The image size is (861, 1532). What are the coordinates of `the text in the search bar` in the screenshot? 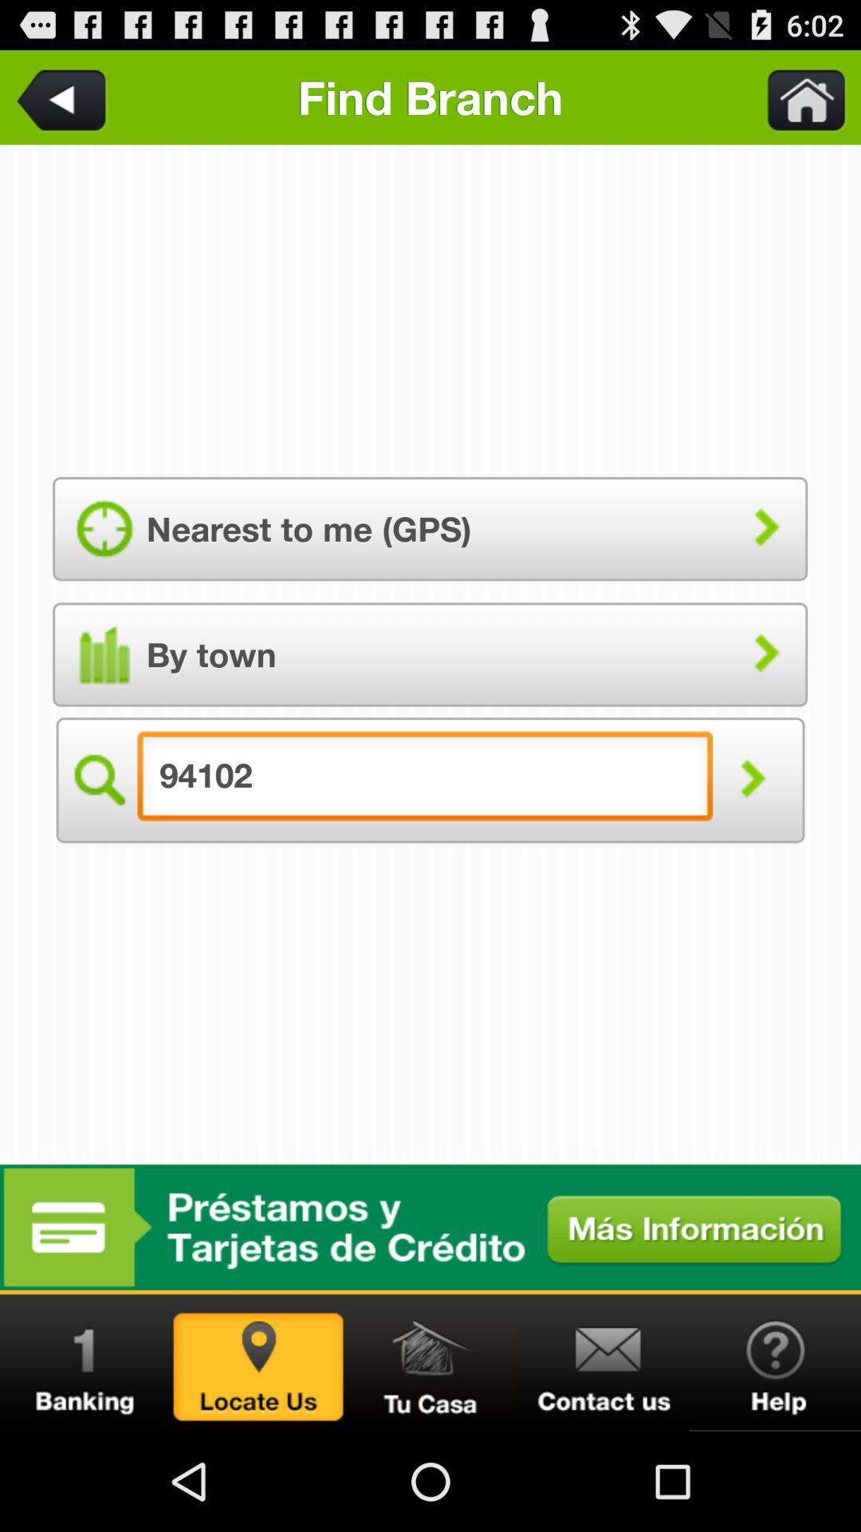 It's located at (424, 780).